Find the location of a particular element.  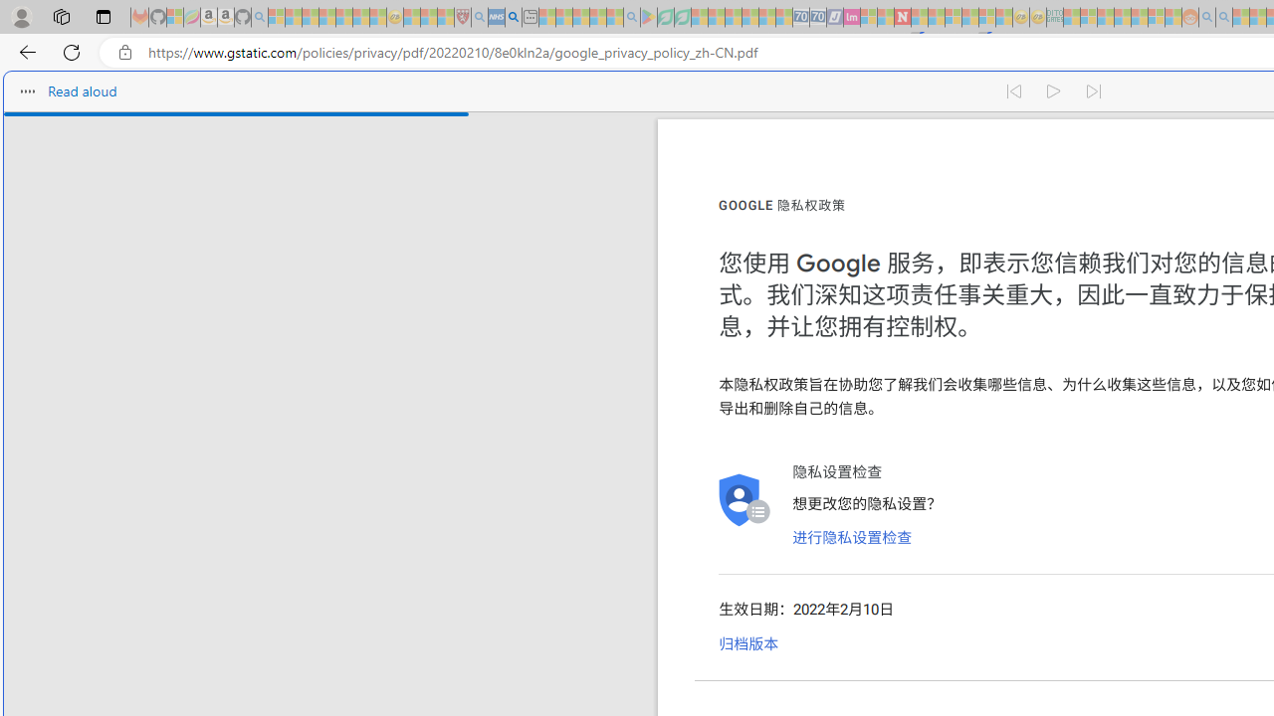

'Read previous paragraph' is located at coordinates (1013, 91).